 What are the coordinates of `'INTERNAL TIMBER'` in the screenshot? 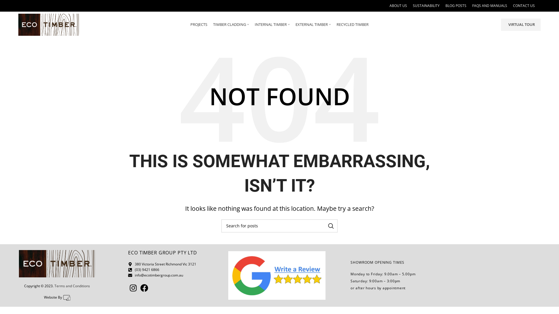 It's located at (272, 24).